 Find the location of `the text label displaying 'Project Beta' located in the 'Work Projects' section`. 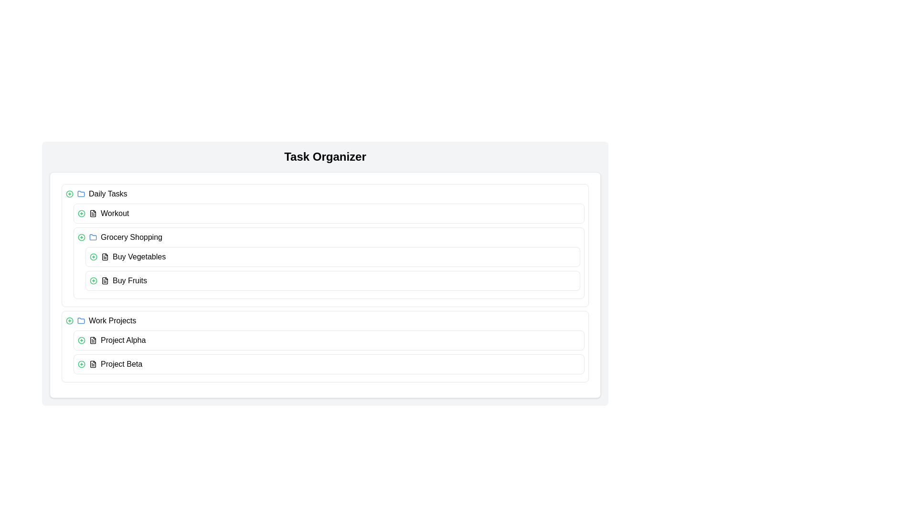

the text label displaying 'Project Beta' located in the 'Work Projects' section is located at coordinates (121, 364).